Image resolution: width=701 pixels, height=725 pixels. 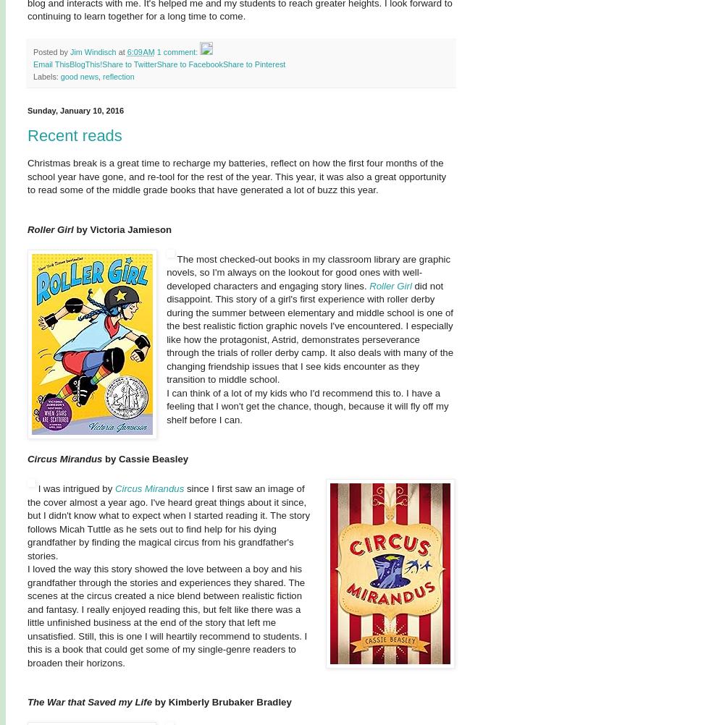 What do you see at coordinates (118, 76) in the screenshot?
I see `'reflection'` at bounding box center [118, 76].